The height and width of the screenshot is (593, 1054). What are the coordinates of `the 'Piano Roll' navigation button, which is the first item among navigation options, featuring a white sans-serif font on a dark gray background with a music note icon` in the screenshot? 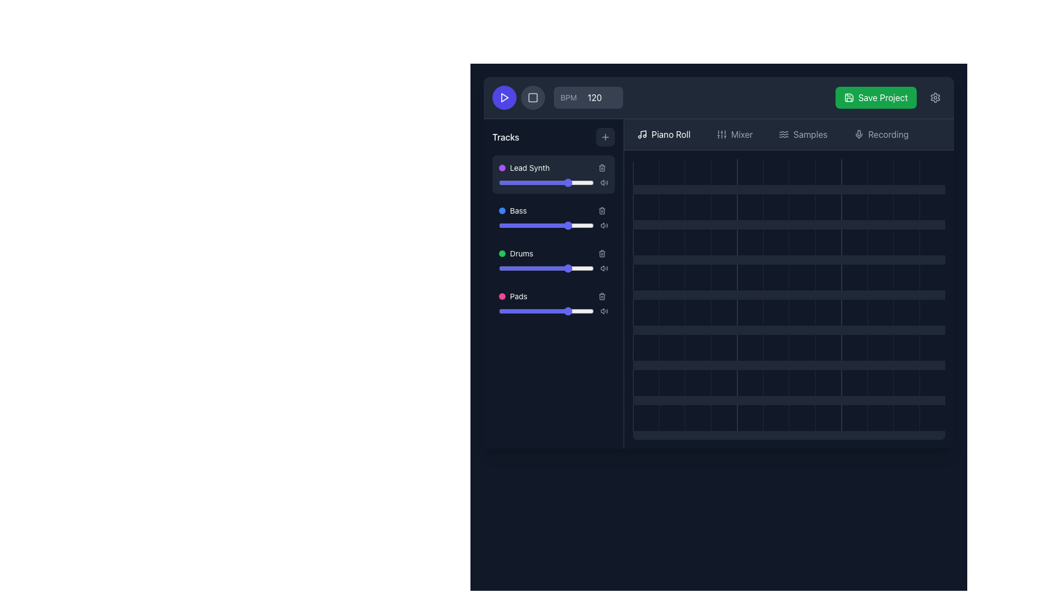 It's located at (663, 134).